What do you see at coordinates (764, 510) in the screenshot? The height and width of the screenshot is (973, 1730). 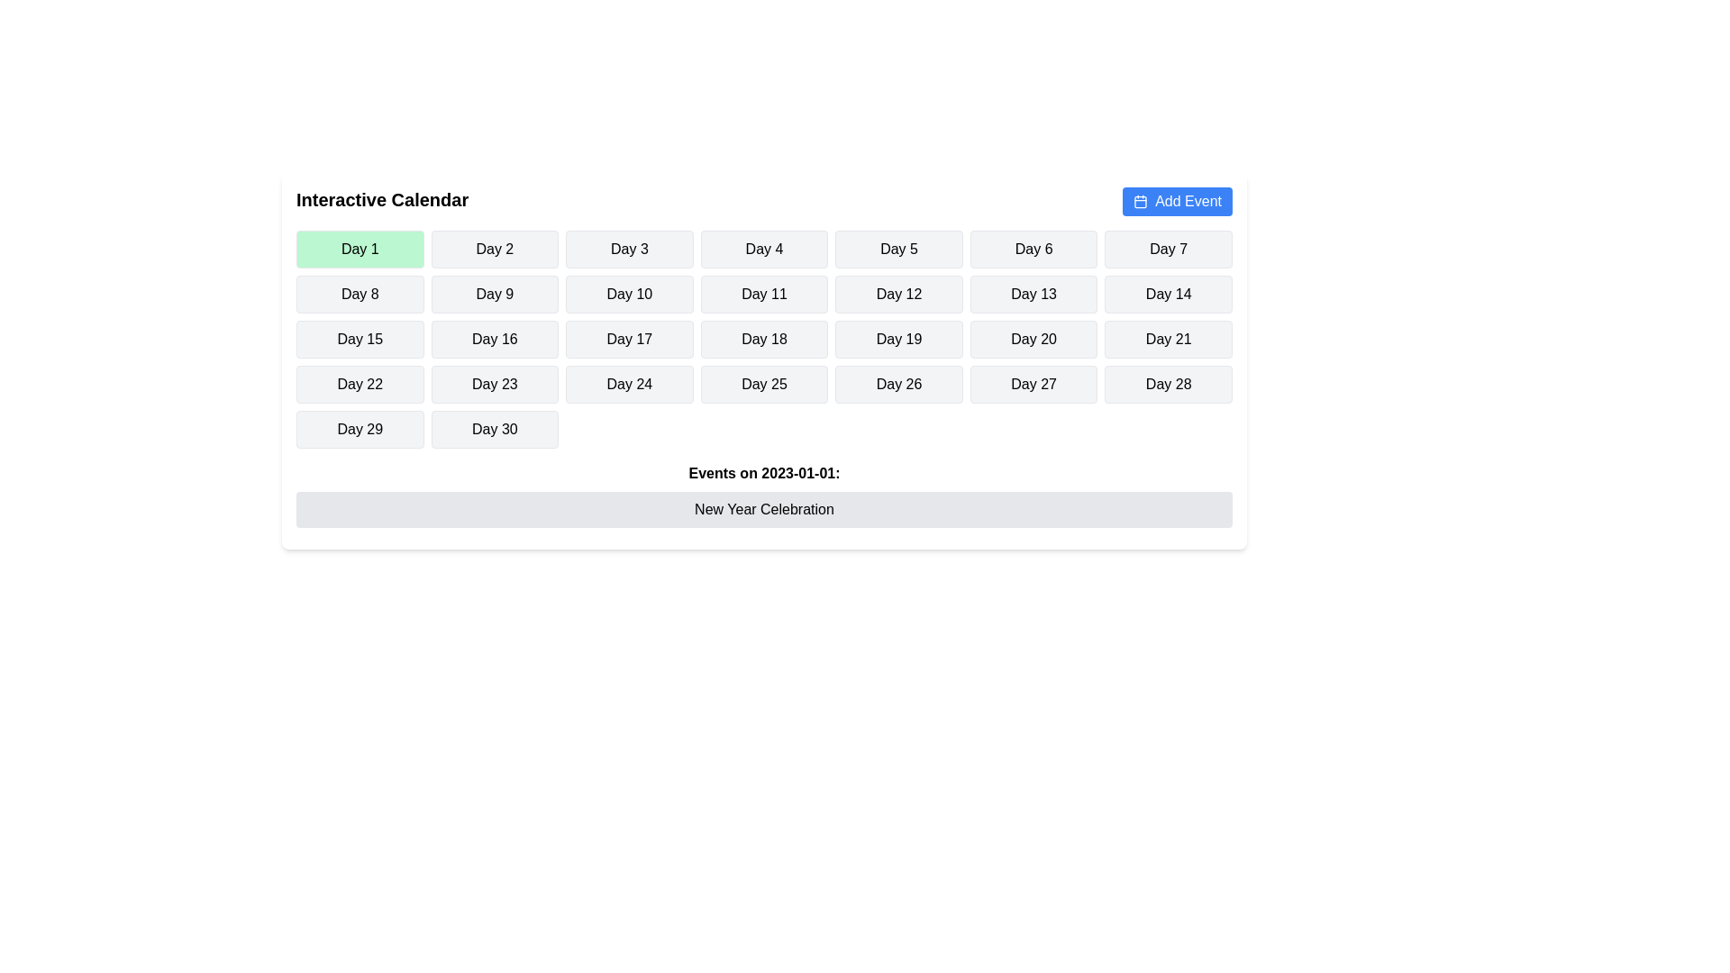 I see `event name displayed in the text box labeled 'New Year Celebration', which is located below the heading 'Events on 2023-01-01:'` at bounding box center [764, 510].